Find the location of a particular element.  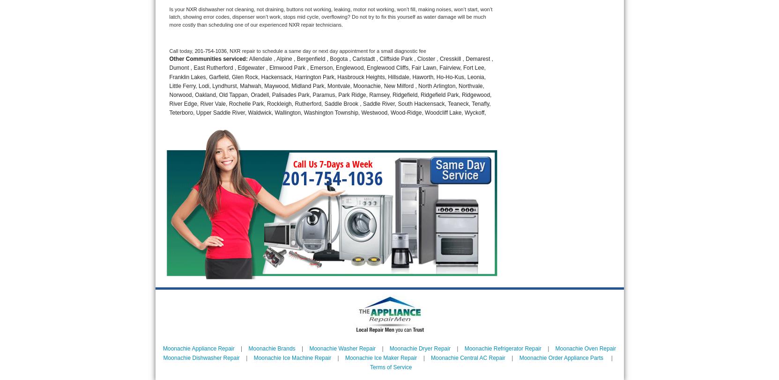

'repair to schedule a same day or next day appointment for a small diagnostic fee' is located at coordinates (334, 50).